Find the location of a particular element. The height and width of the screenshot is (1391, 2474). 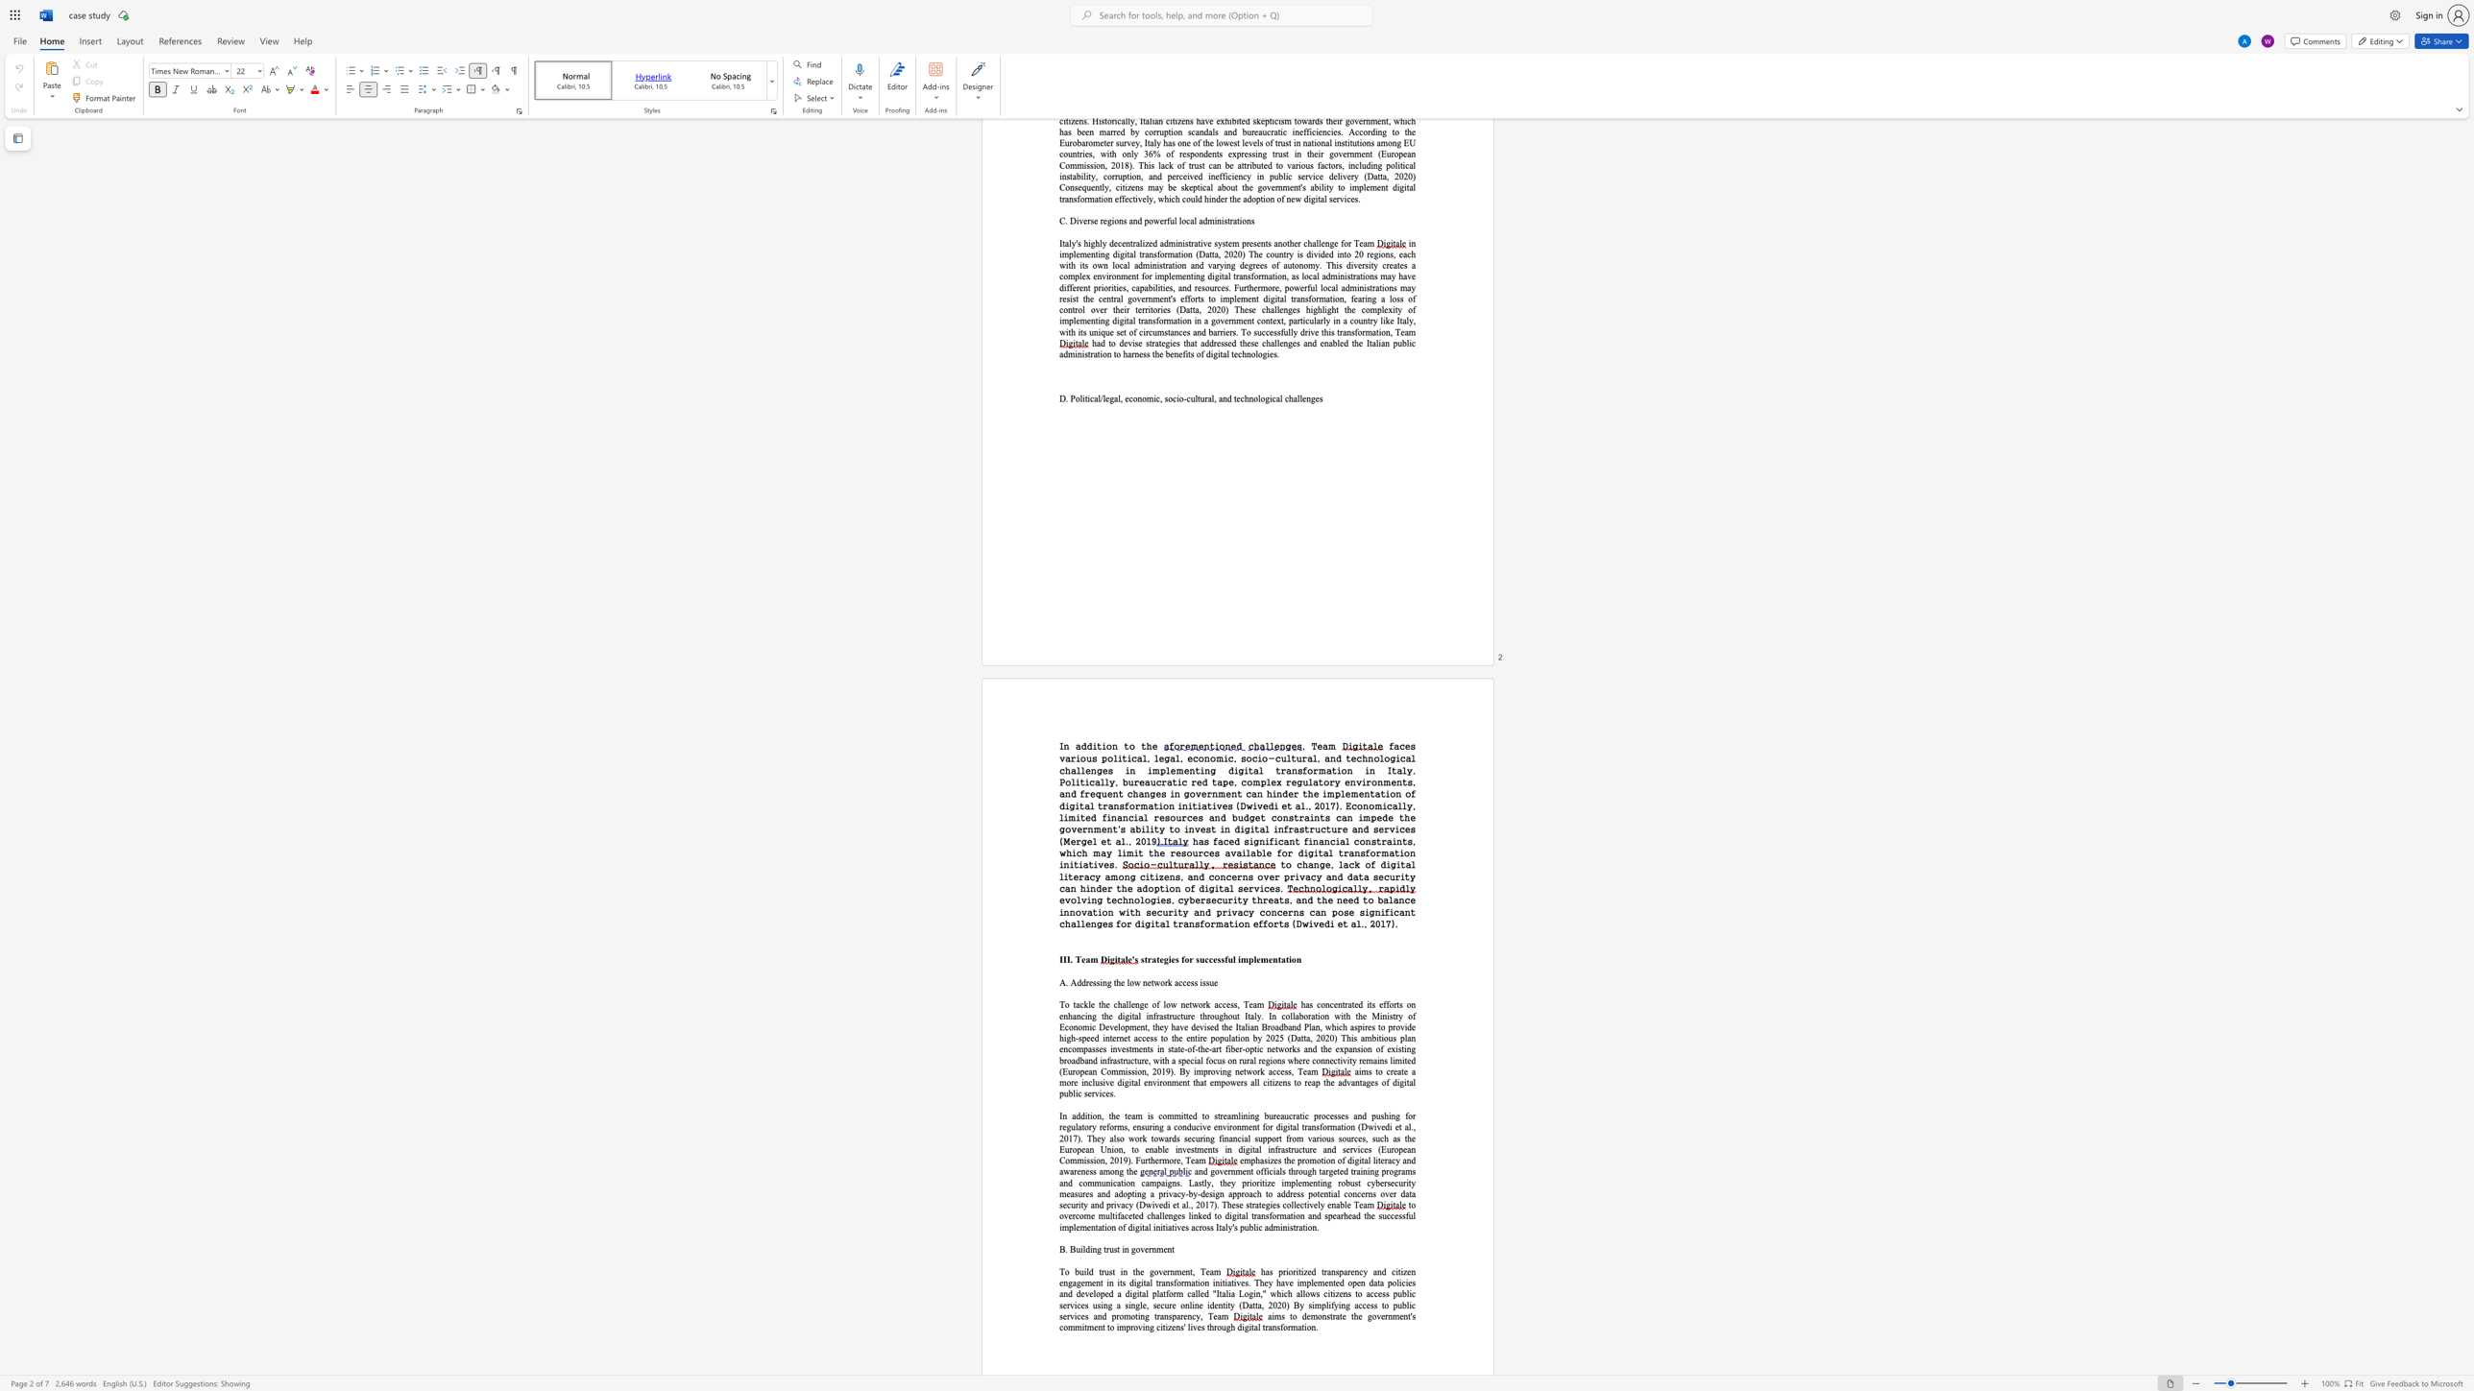

the subset text "igital environment that empowers all citizens to reap the advantages of digital p" within the text "aims to create a more inclusive digital environment that empowers all citizens to reap the advantages of digital public services." is located at coordinates (1121, 1083).